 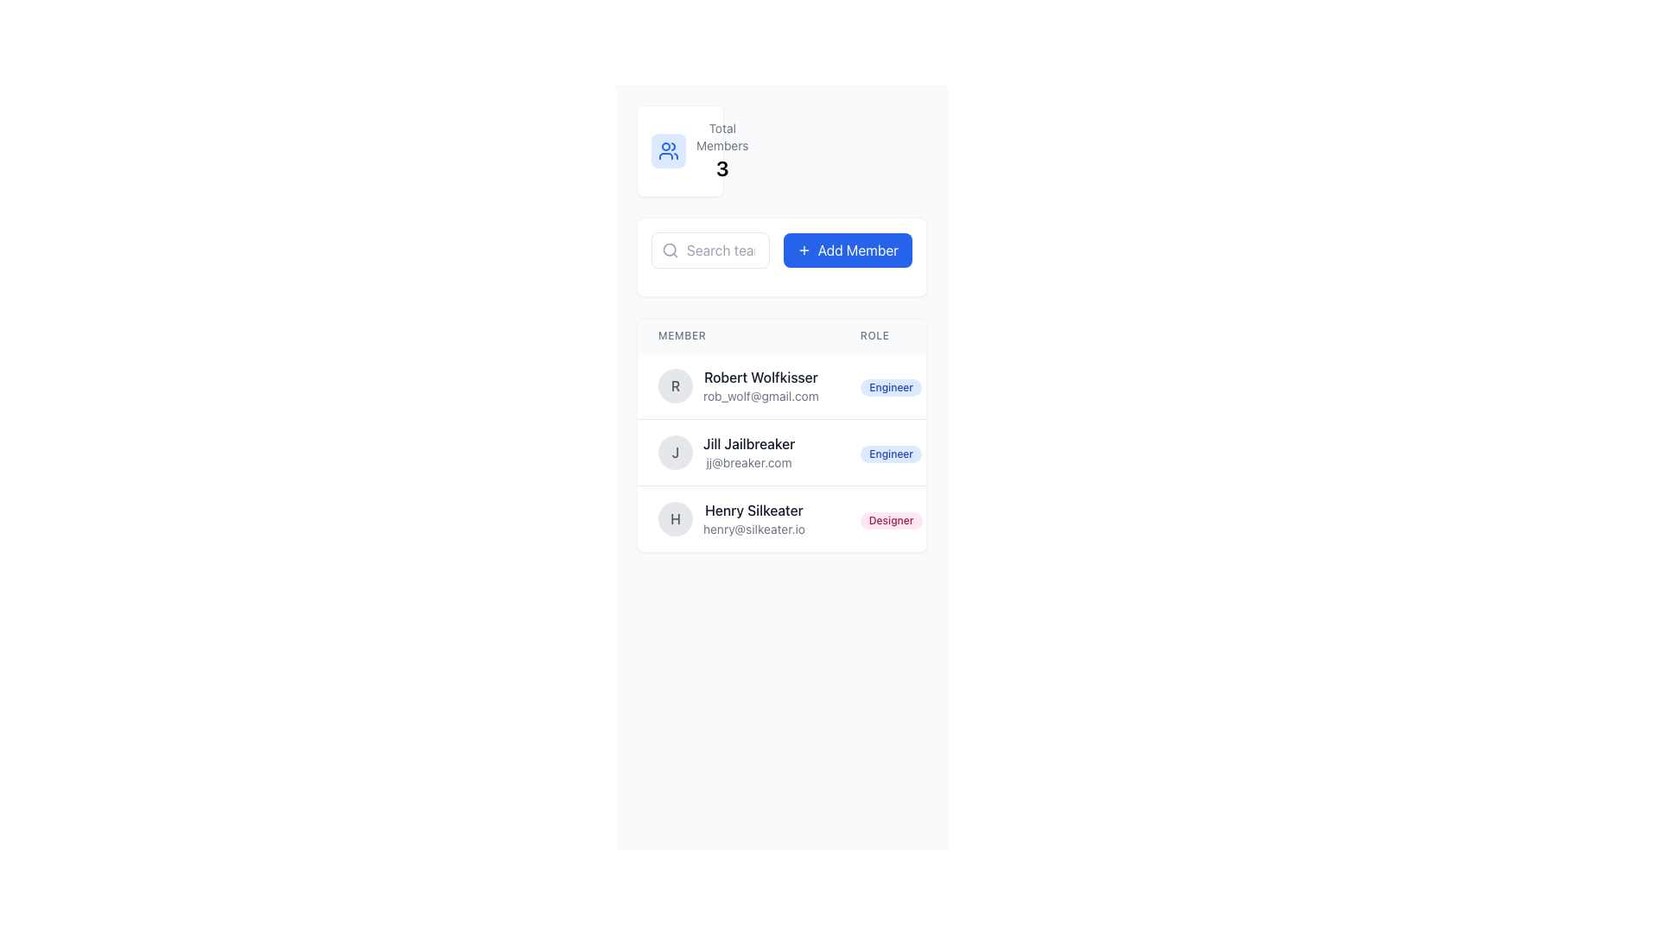 What do you see at coordinates (675, 385) in the screenshot?
I see `the avatar representing Robert Wolfkisser, which is located at the leftmost position in the information row` at bounding box center [675, 385].